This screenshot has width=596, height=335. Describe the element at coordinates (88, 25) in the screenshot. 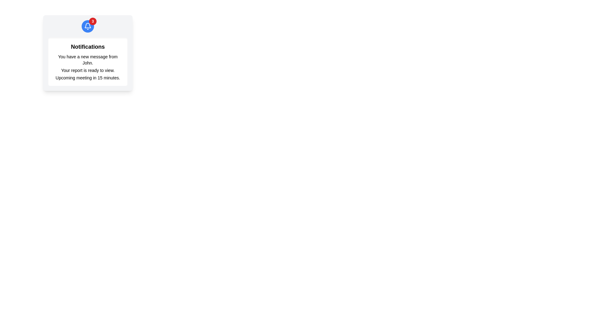

I see `the bell icon located centrally in the notification area` at that location.